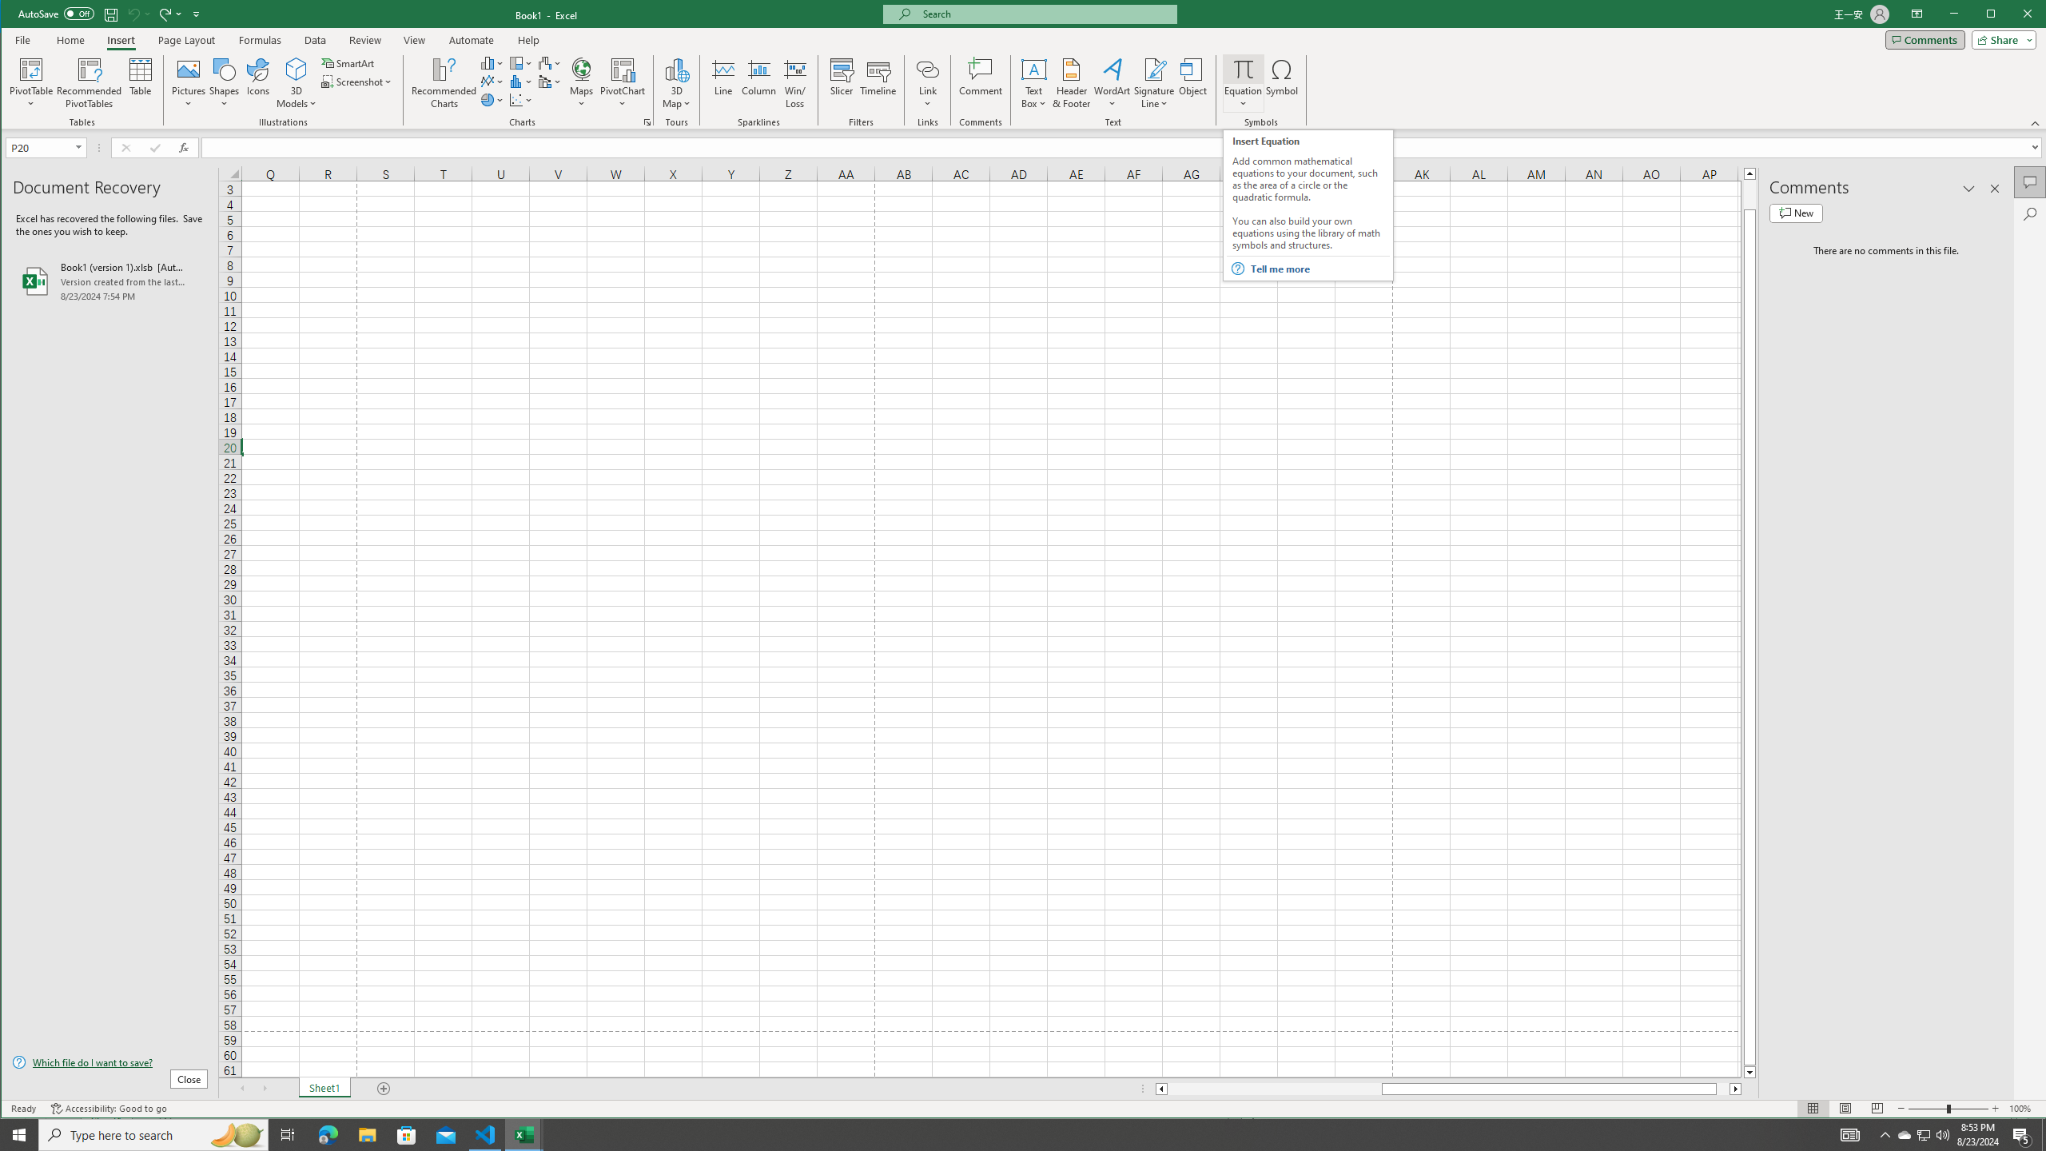 Image resolution: width=2046 pixels, height=1151 pixels. I want to click on 'Column', so click(758, 82).